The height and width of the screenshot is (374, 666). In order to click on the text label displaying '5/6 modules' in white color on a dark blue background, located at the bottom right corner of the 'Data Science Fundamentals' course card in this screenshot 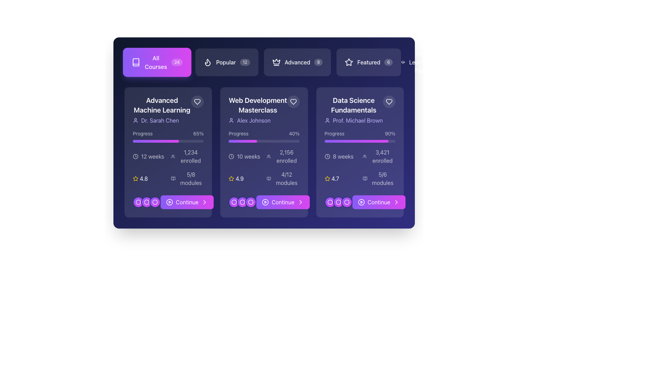, I will do `click(382, 178)`.